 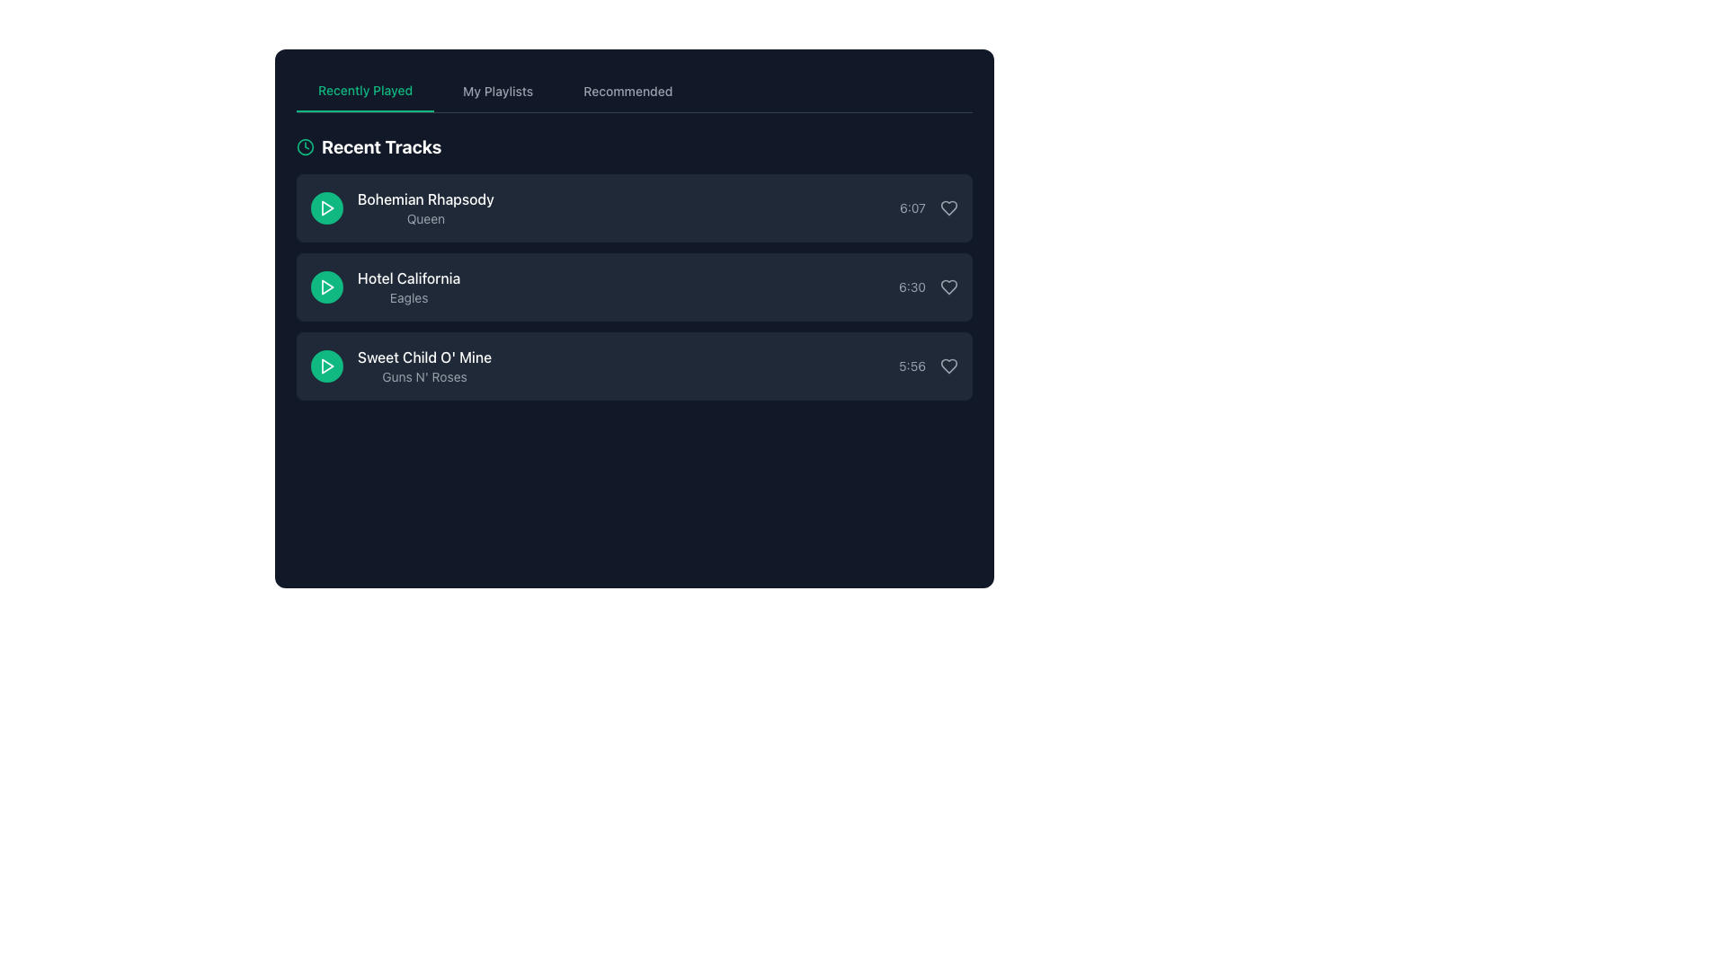 What do you see at coordinates (928, 287) in the screenshot?
I see `the heart icon adjacent to the 'Hotel California' track duration label, which is located on the rightmost side of the song entry` at bounding box center [928, 287].